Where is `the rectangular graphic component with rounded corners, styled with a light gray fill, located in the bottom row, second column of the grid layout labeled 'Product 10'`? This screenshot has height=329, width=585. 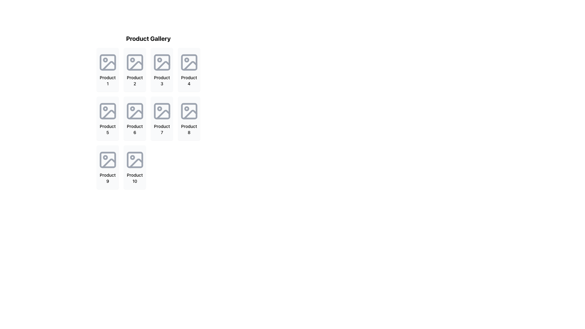 the rectangular graphic component with rounded corners, styled with a light gray fill, located in the bottom row, second column of the grid layout labeled 'Product 10' is located at coordinates (134, 159).